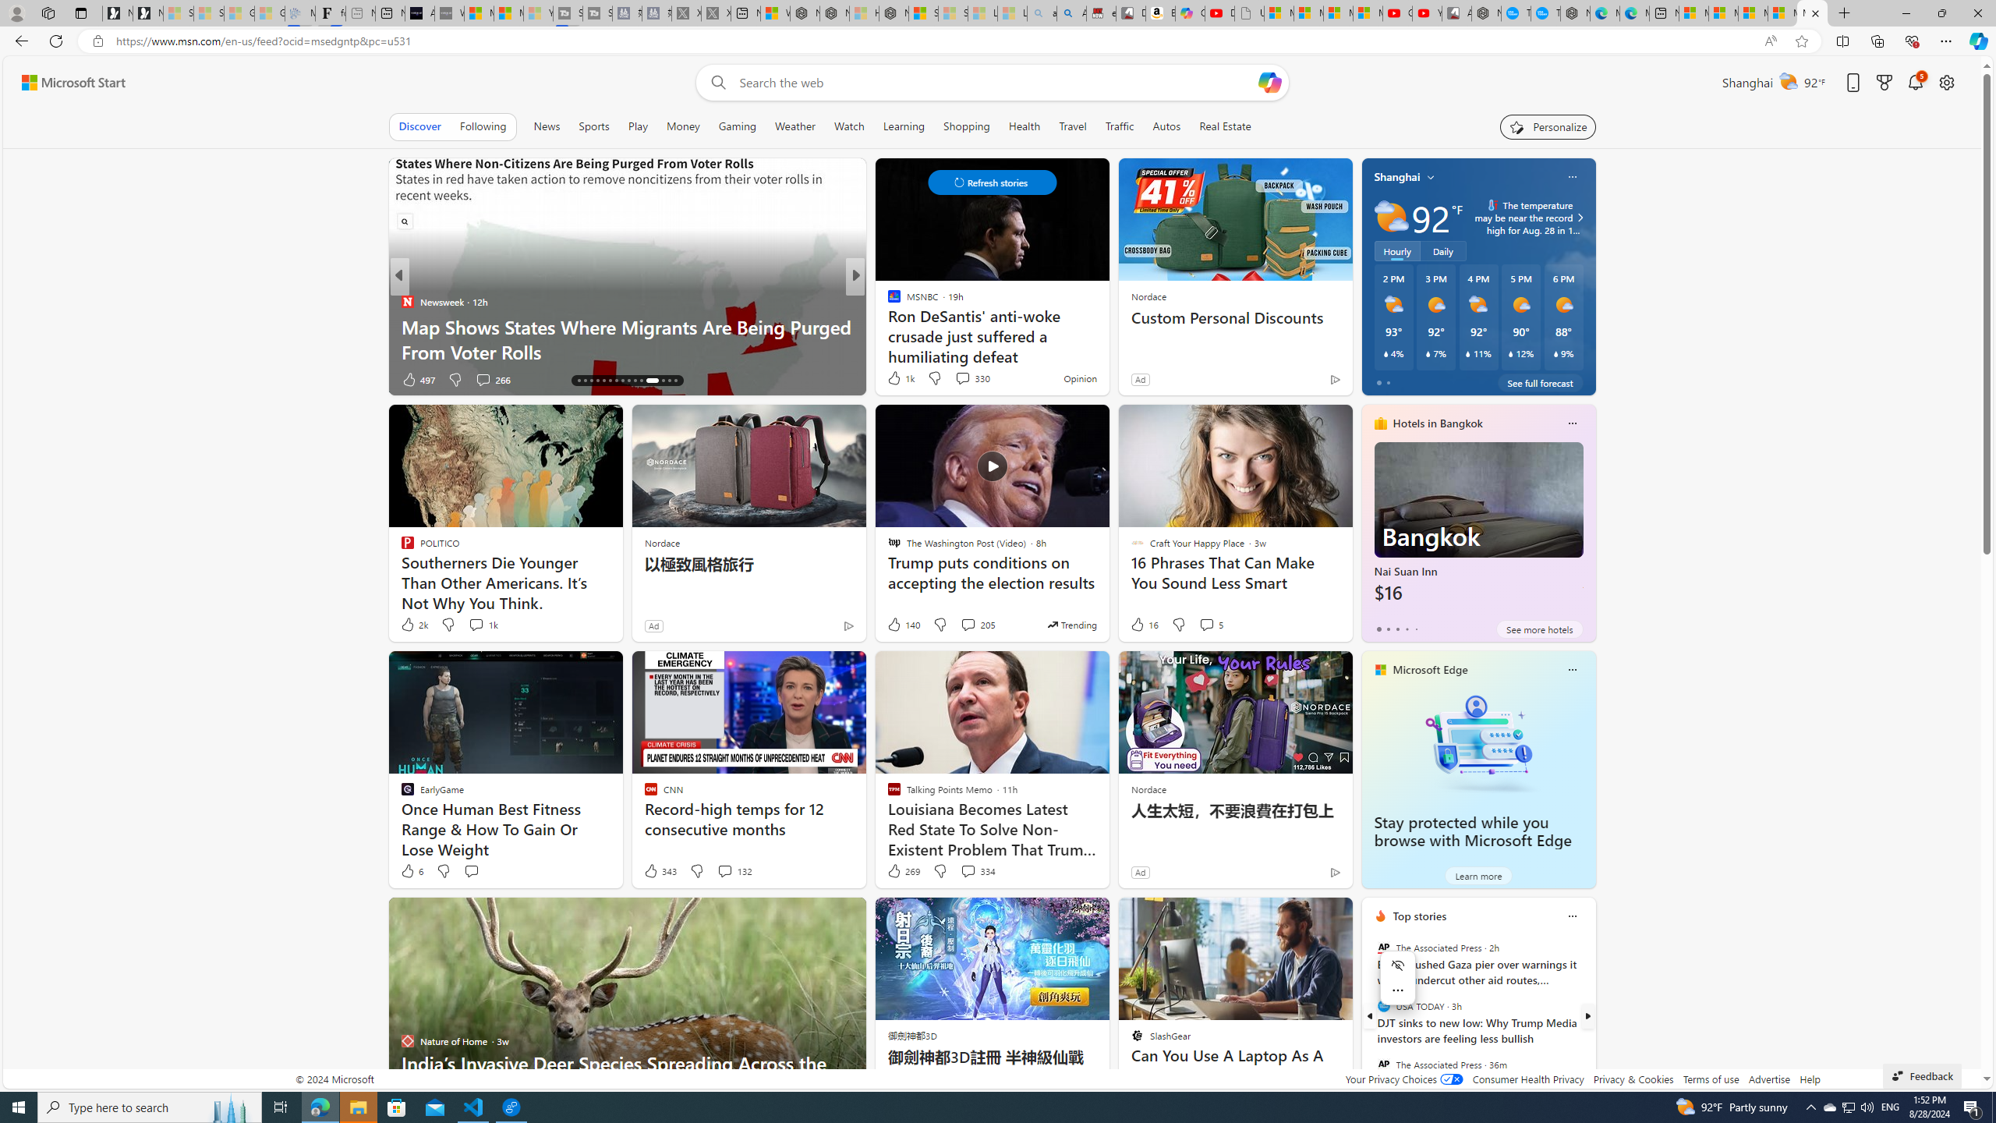 The image size is (1996, 1123). What do you see at coordinates (1478, 875) in the screenshot?
I see `'Learn more'` at bounding box center [1478, 875].